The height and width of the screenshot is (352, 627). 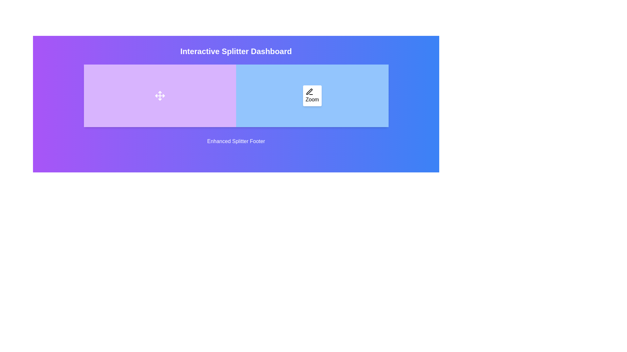 What do you see at coordinates (312, 95) in the screenshot?
I see `the rectangular button with a light blue background that has a white square placard containing a stylized pen icon and the text 'Zoom'` at bounding box center [312, 95].